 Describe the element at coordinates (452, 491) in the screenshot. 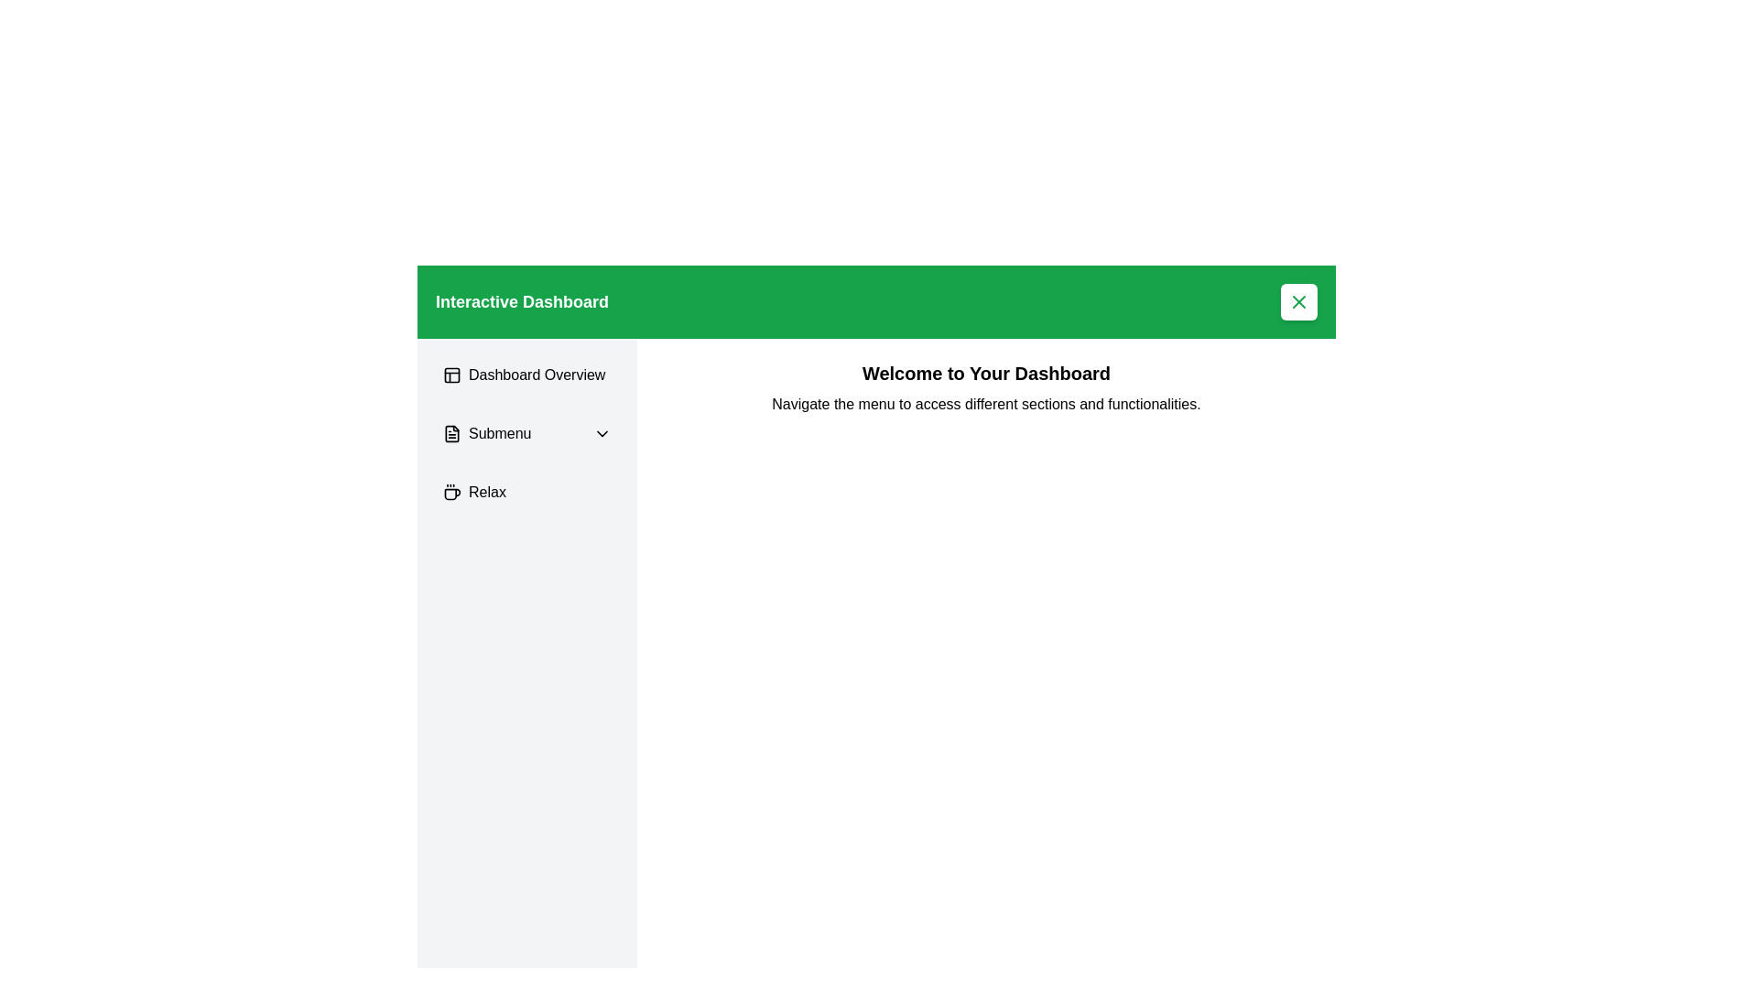

I see `the coffee cup icon located in the sidebar menu next to the 'Relax' label` at that location.